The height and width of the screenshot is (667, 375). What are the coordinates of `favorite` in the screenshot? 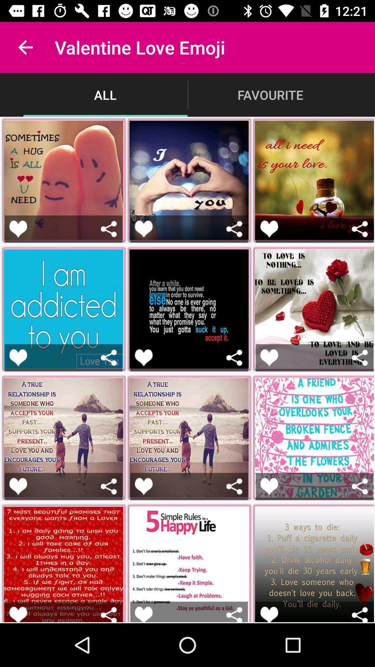 It's located at (269, 357).